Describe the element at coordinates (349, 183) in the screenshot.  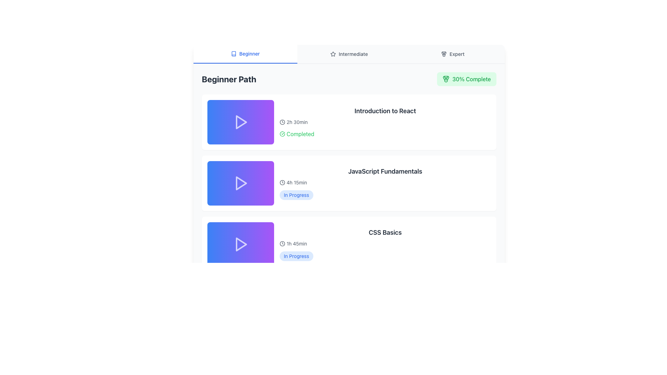
I see `course title from the Course Selector Card for 'JavaScript Fundamentals', which is the second card in the vertical list of courses` at that location.